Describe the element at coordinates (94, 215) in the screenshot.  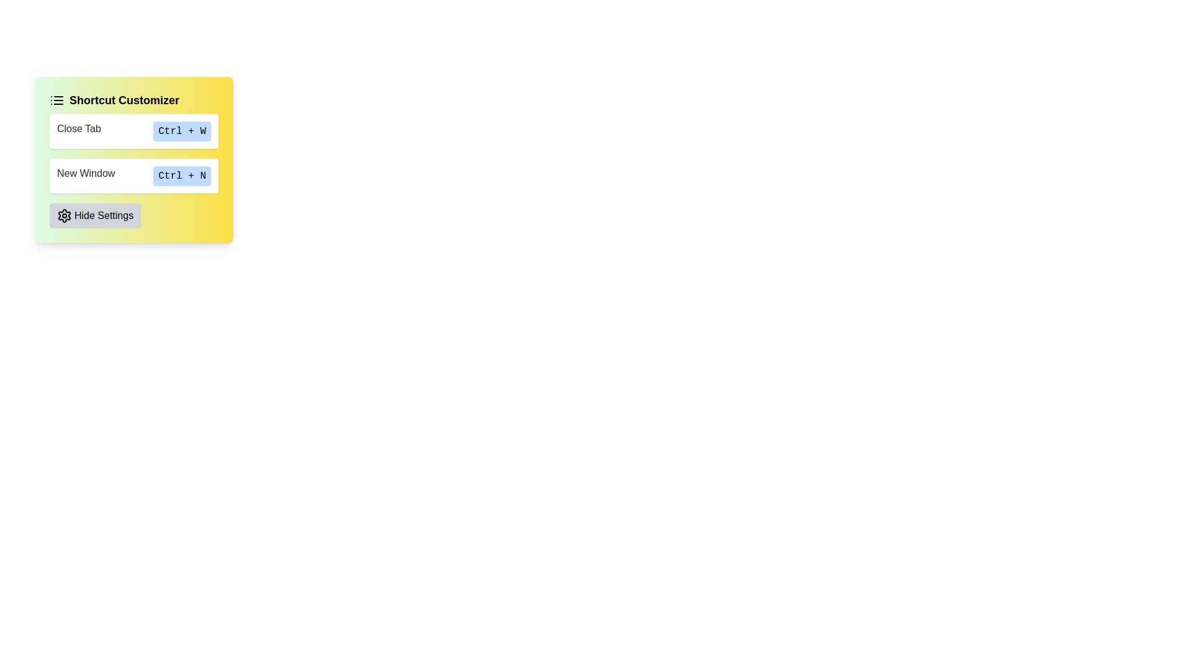
I see `the toggle visibility button located at the bottom of the 'Shortcut Customizer' section` at that location.